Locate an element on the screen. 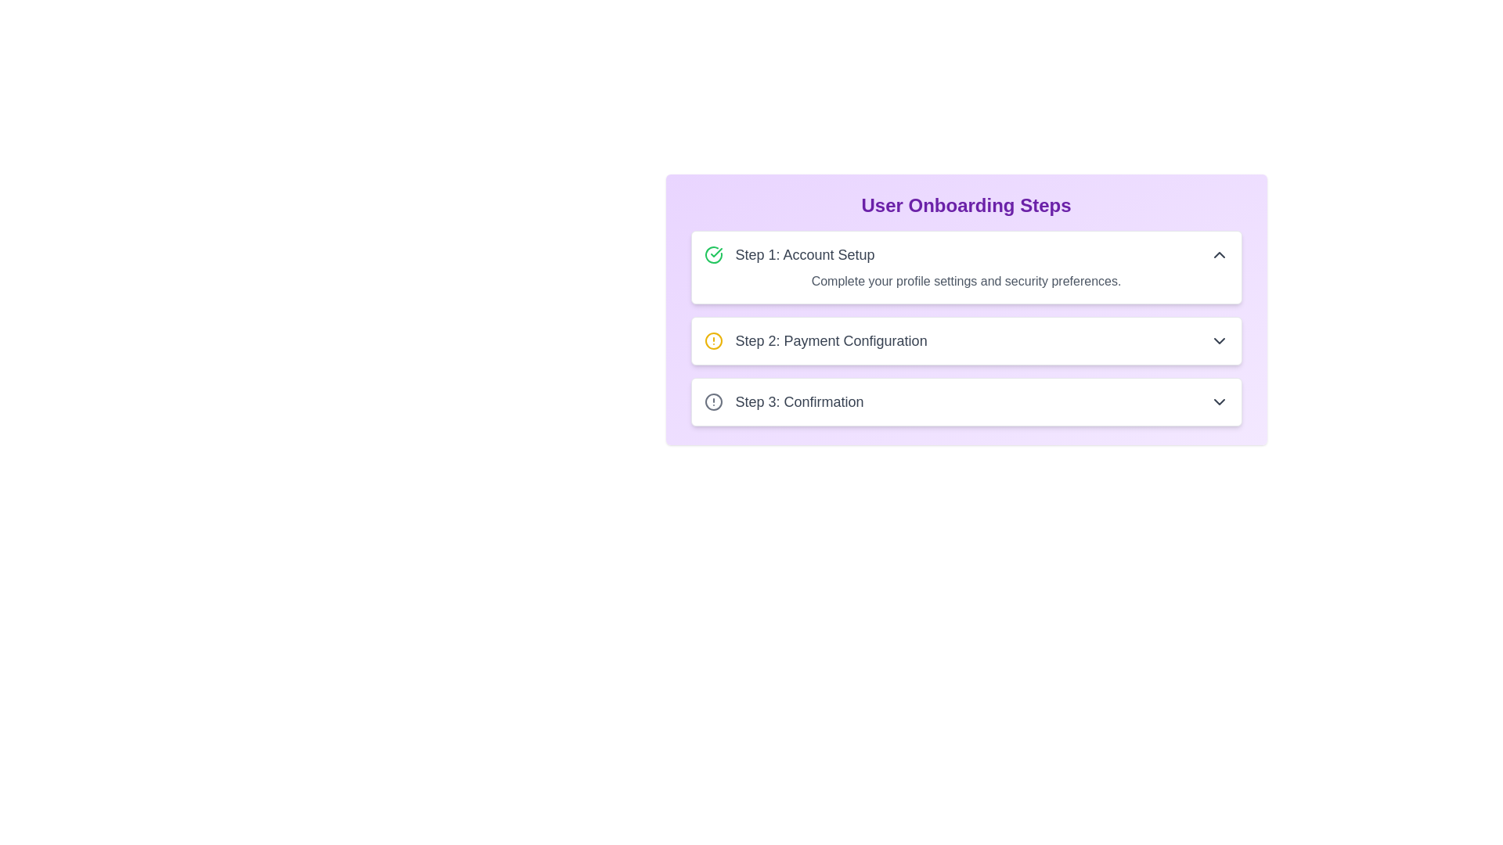  the circular gray icon with a hollow outline and an exclamation mark inside, representing an alert or warning for 'Step 3: Confirmation' is located at coordinates (712, 401).